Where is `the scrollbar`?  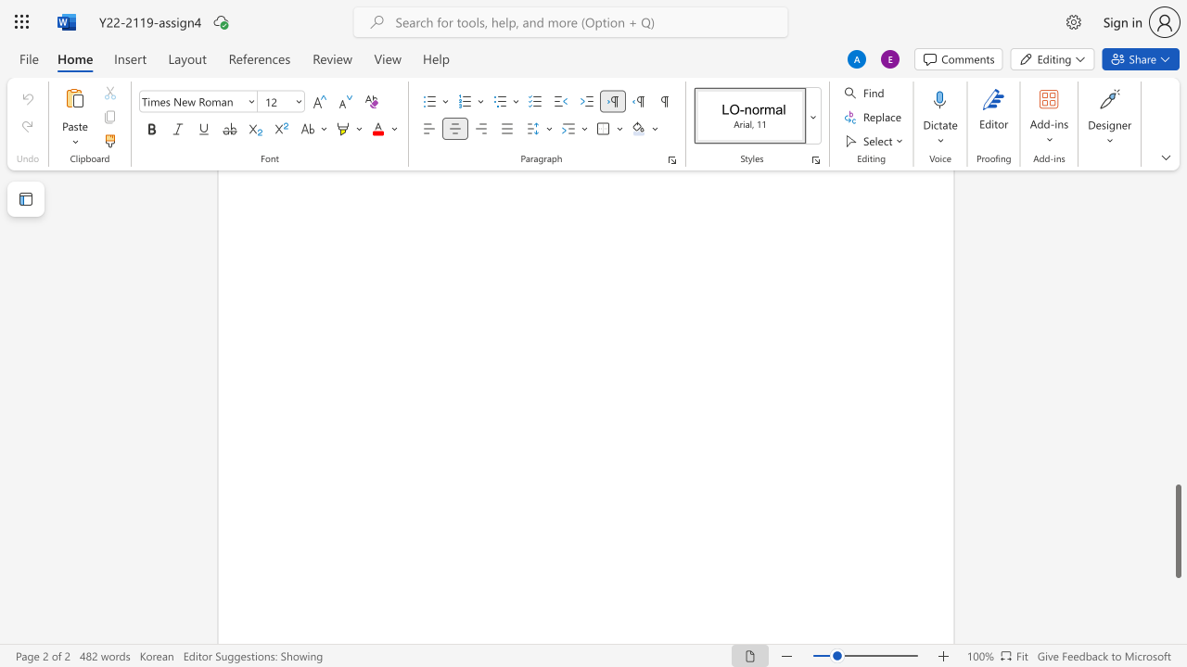 the scrollbar is located at coordinates (1177, 371).